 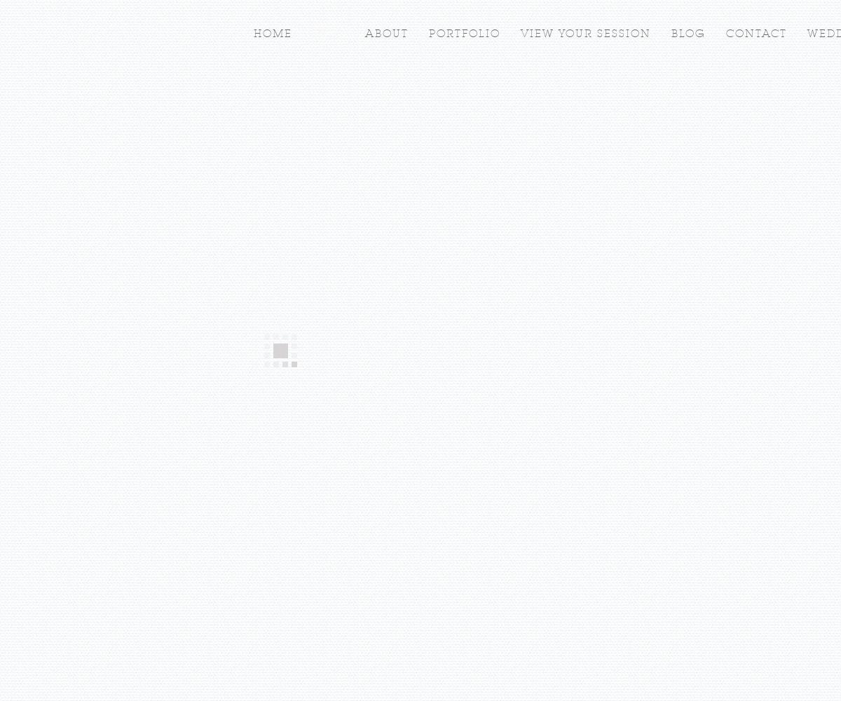 What do you see at coordinates (416, 291) in the screenshot?
I see `'Family, Children & Maternity Sessions: $250'` at bounding box center [416, 291].